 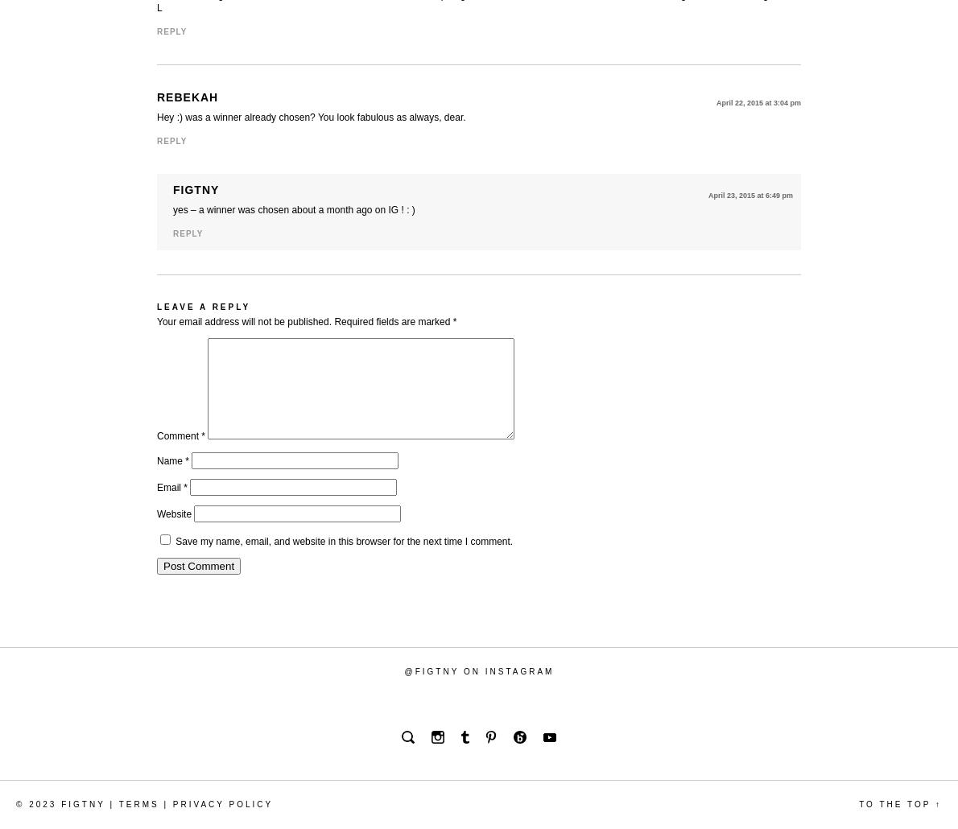 I want to click on 'TERMS', so click(x=137, y=803).